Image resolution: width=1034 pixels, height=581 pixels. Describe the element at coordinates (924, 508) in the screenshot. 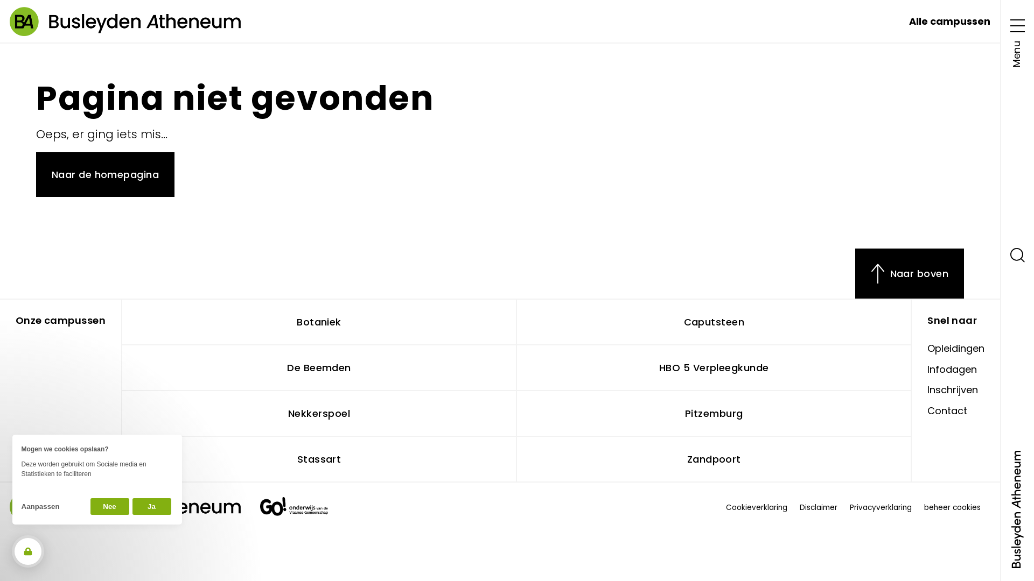

I see `'beheer cookies'` at that location.